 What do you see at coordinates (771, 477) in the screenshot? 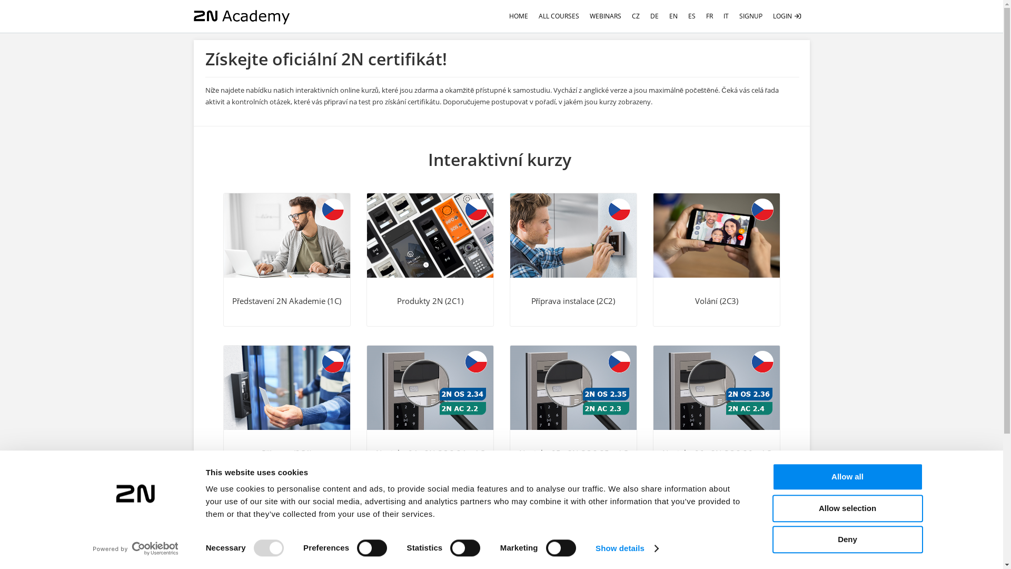
I see `'Allow all'` at bounding box center [771, 477].